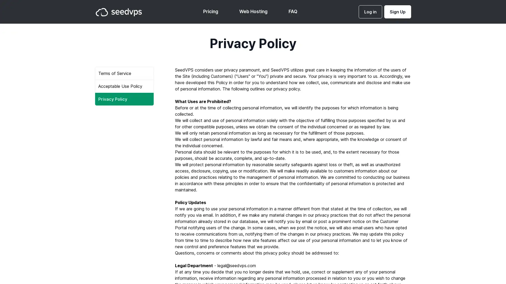 The width and height of the screenshot is (506, 284). Describe the element at coordinates (370, 12) in the screenshot. I see `Log in` at that location.